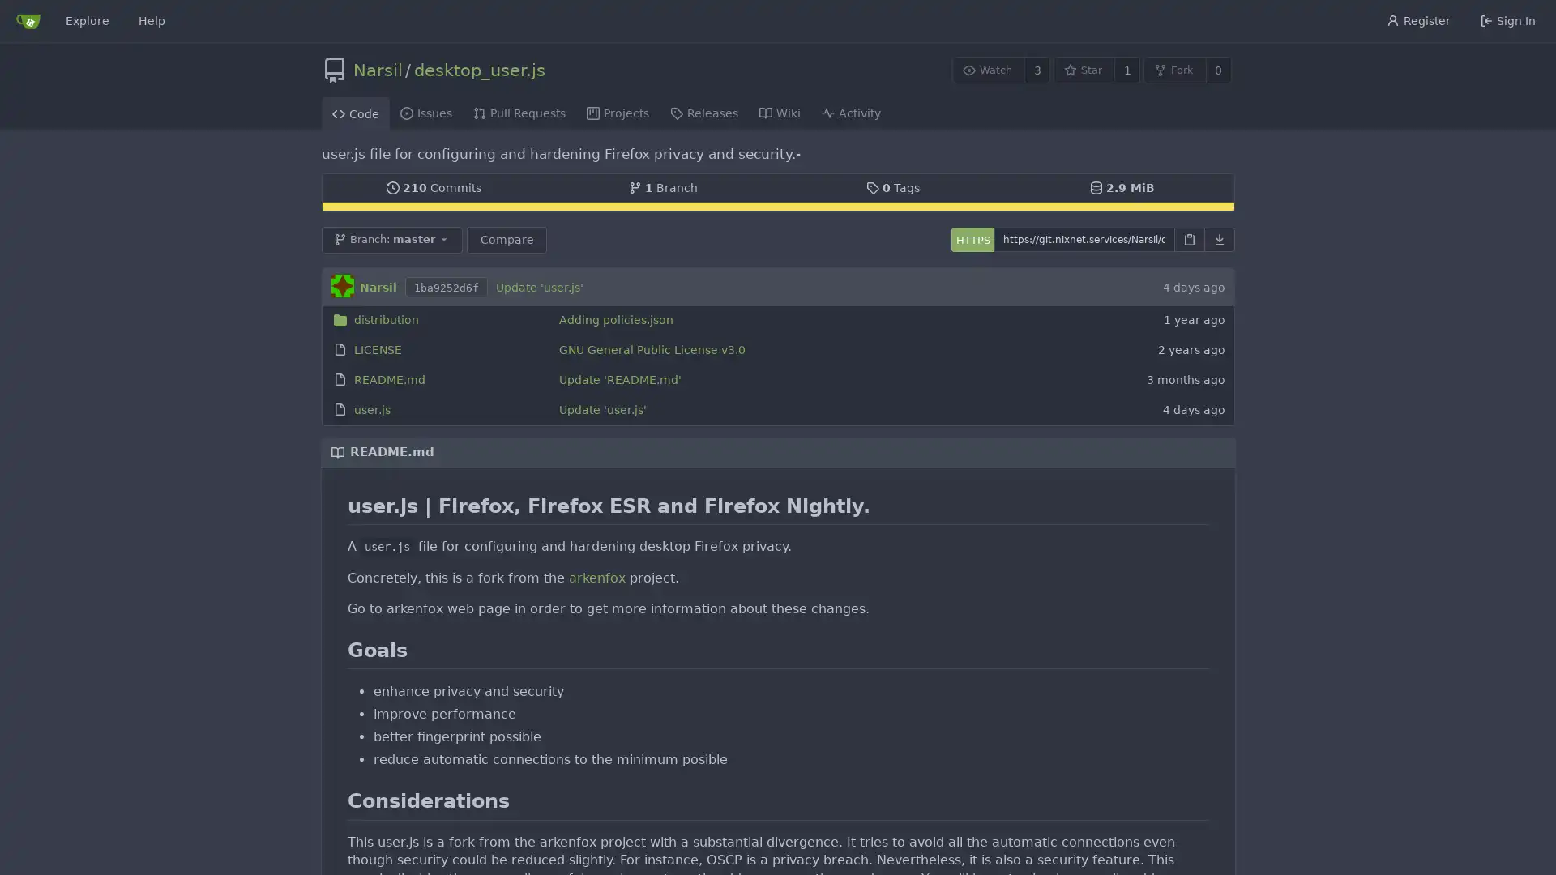  I want to click on Star, so click(1084, 69).